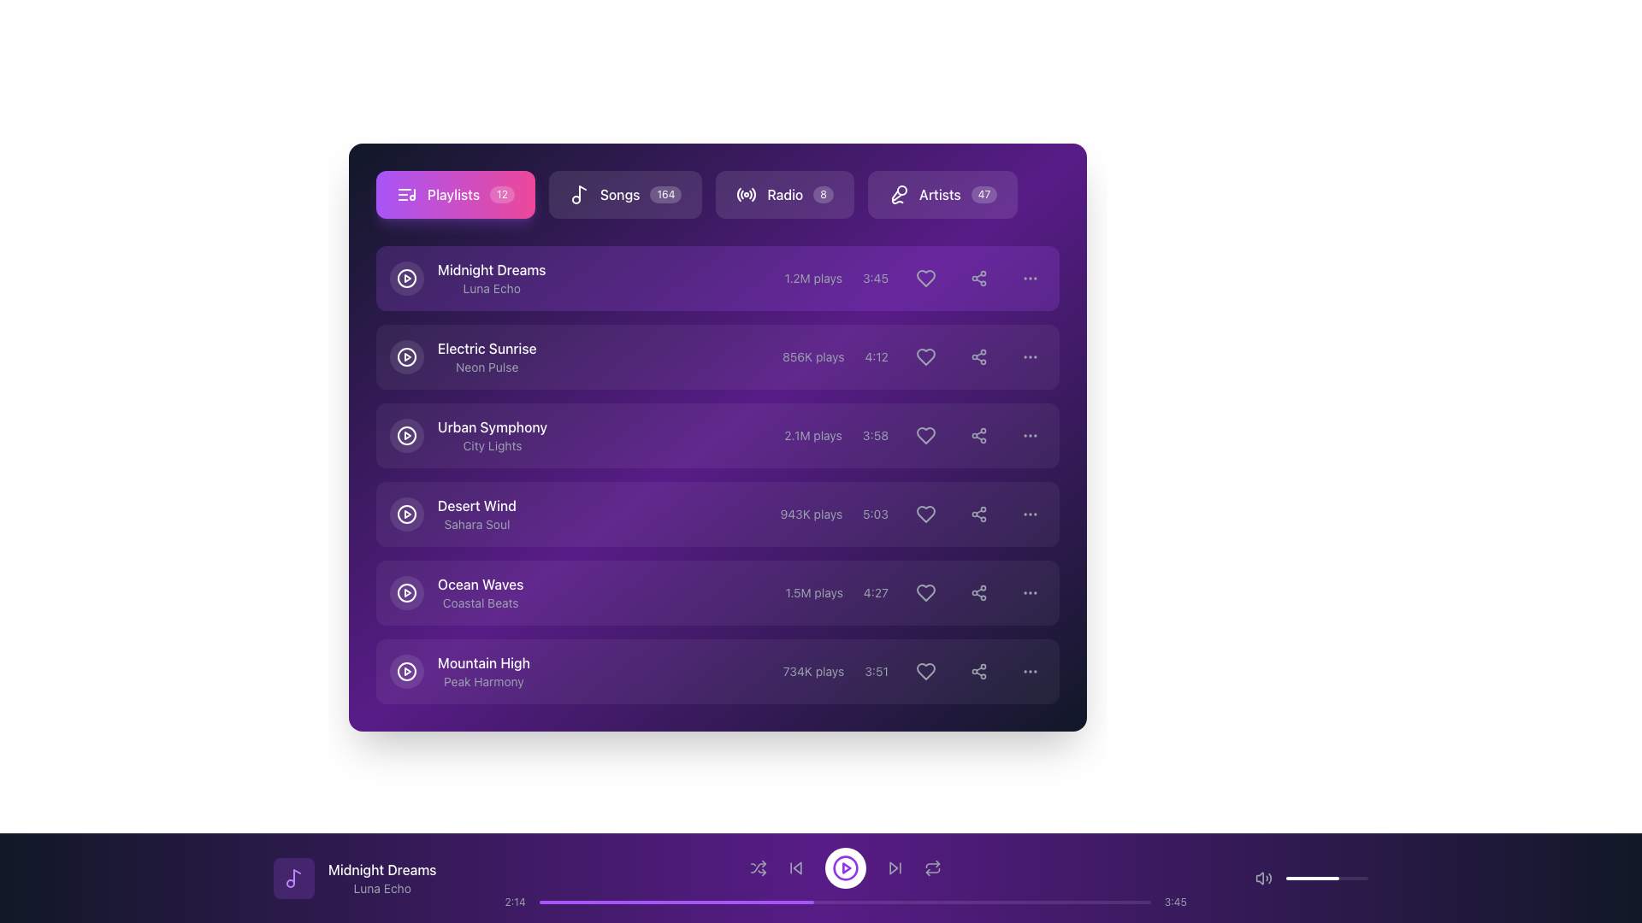  I want to click on the play button for the song 'Mountain High', so click(405, 671).